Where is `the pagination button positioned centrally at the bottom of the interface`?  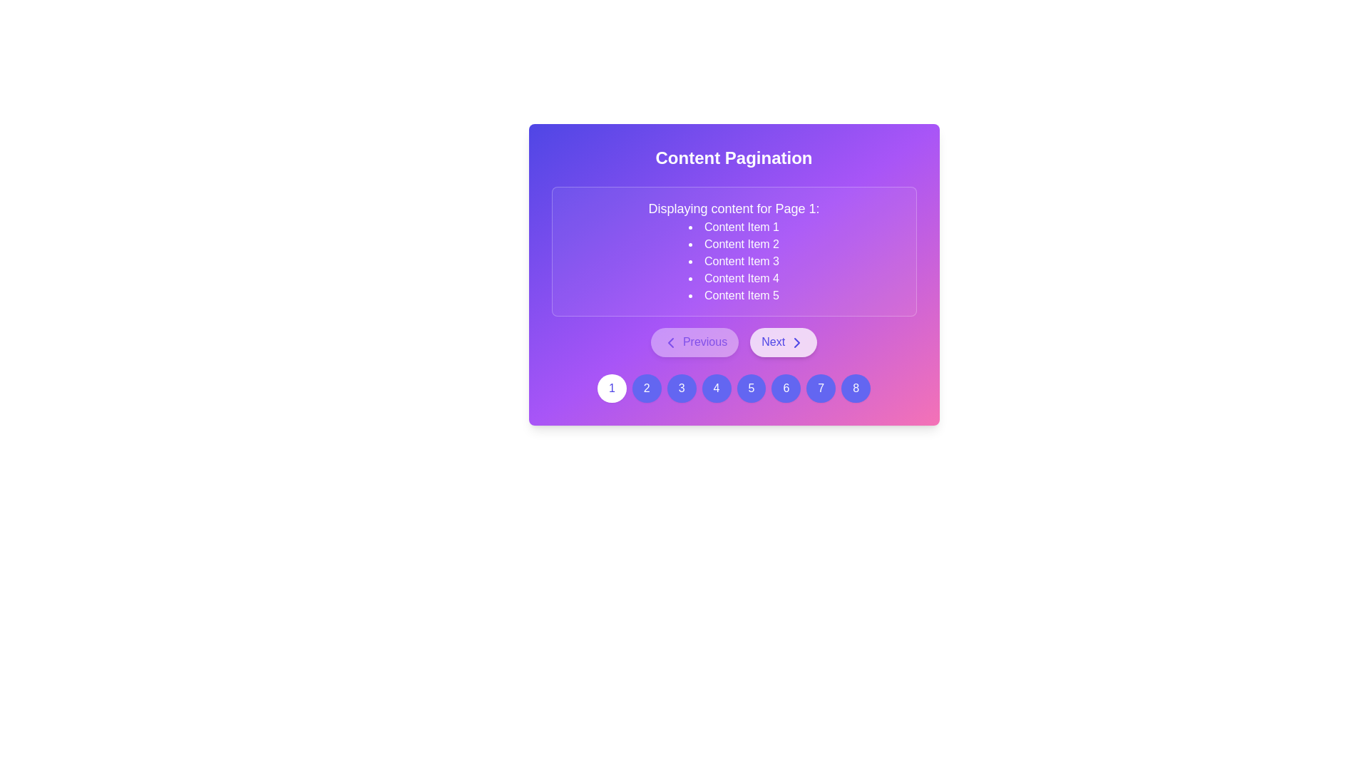
the pagination button positioned centrally at the bottom of the interface is located at coordinates (717, 388).